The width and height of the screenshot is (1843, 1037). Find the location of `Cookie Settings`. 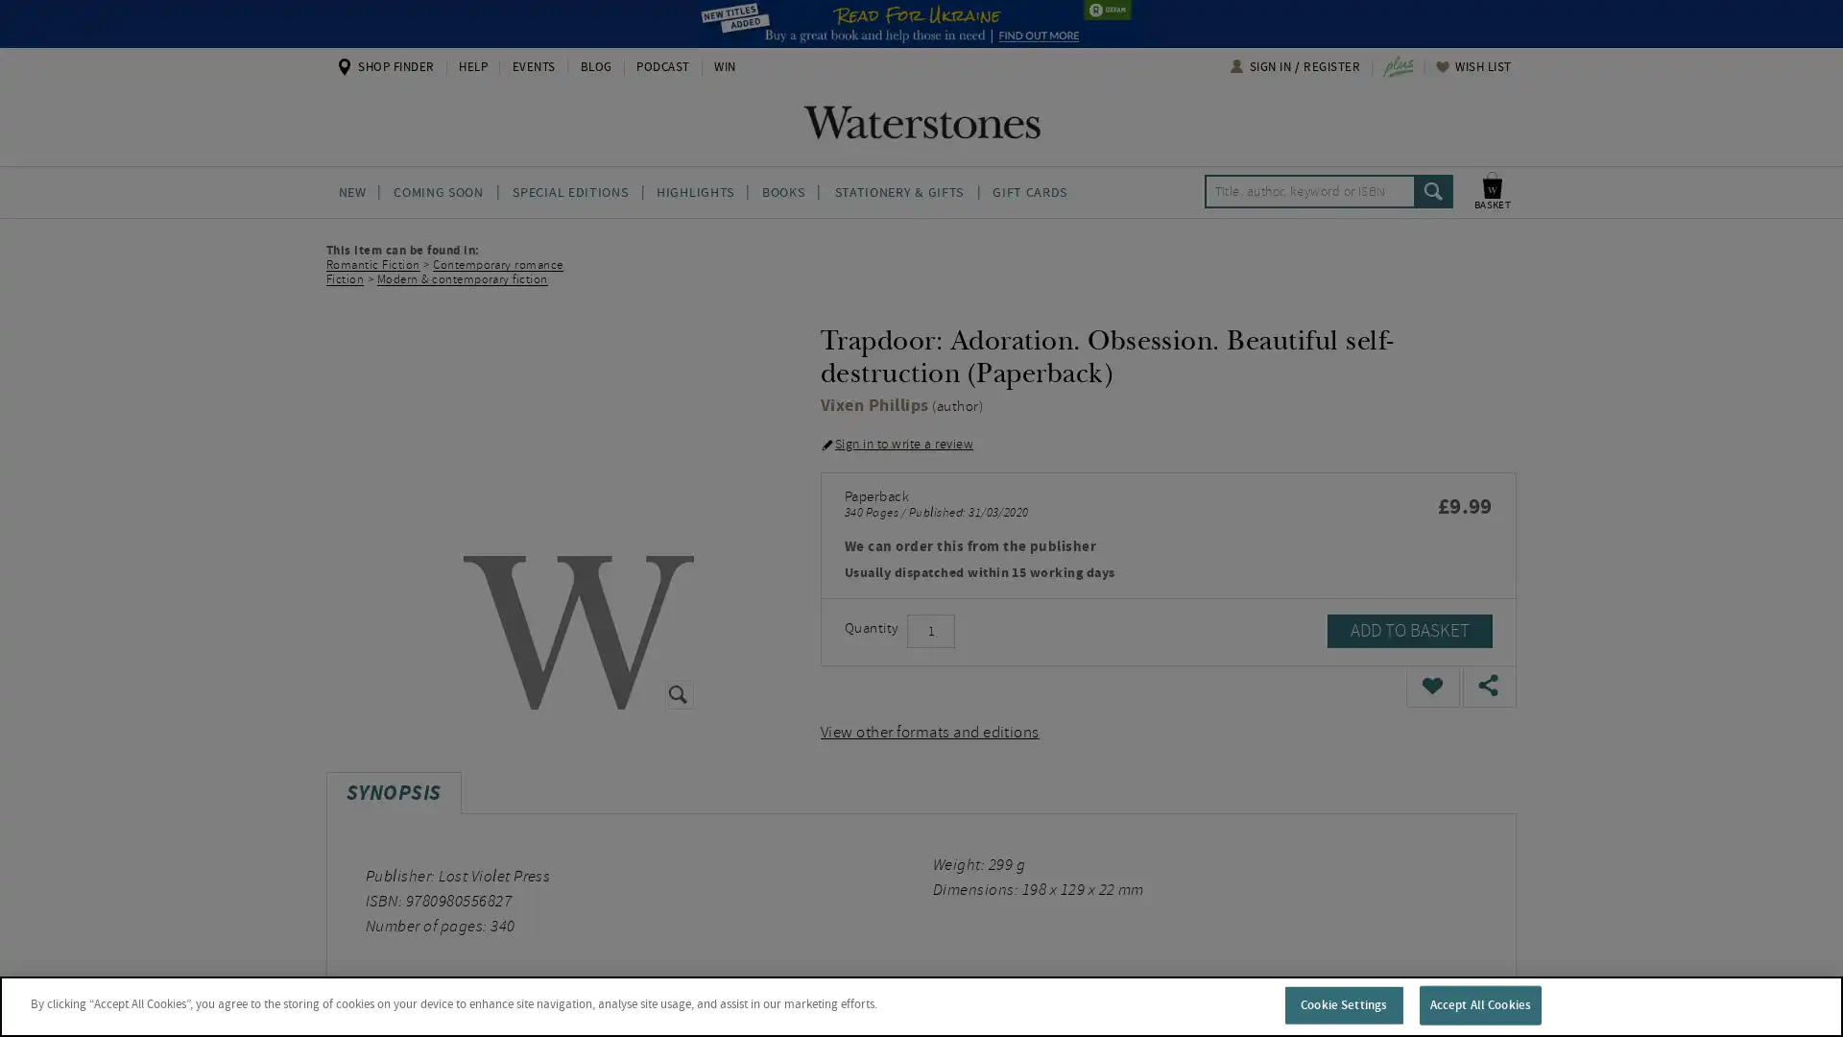

Cookie Settings is located at coordinates (1342, 1003).